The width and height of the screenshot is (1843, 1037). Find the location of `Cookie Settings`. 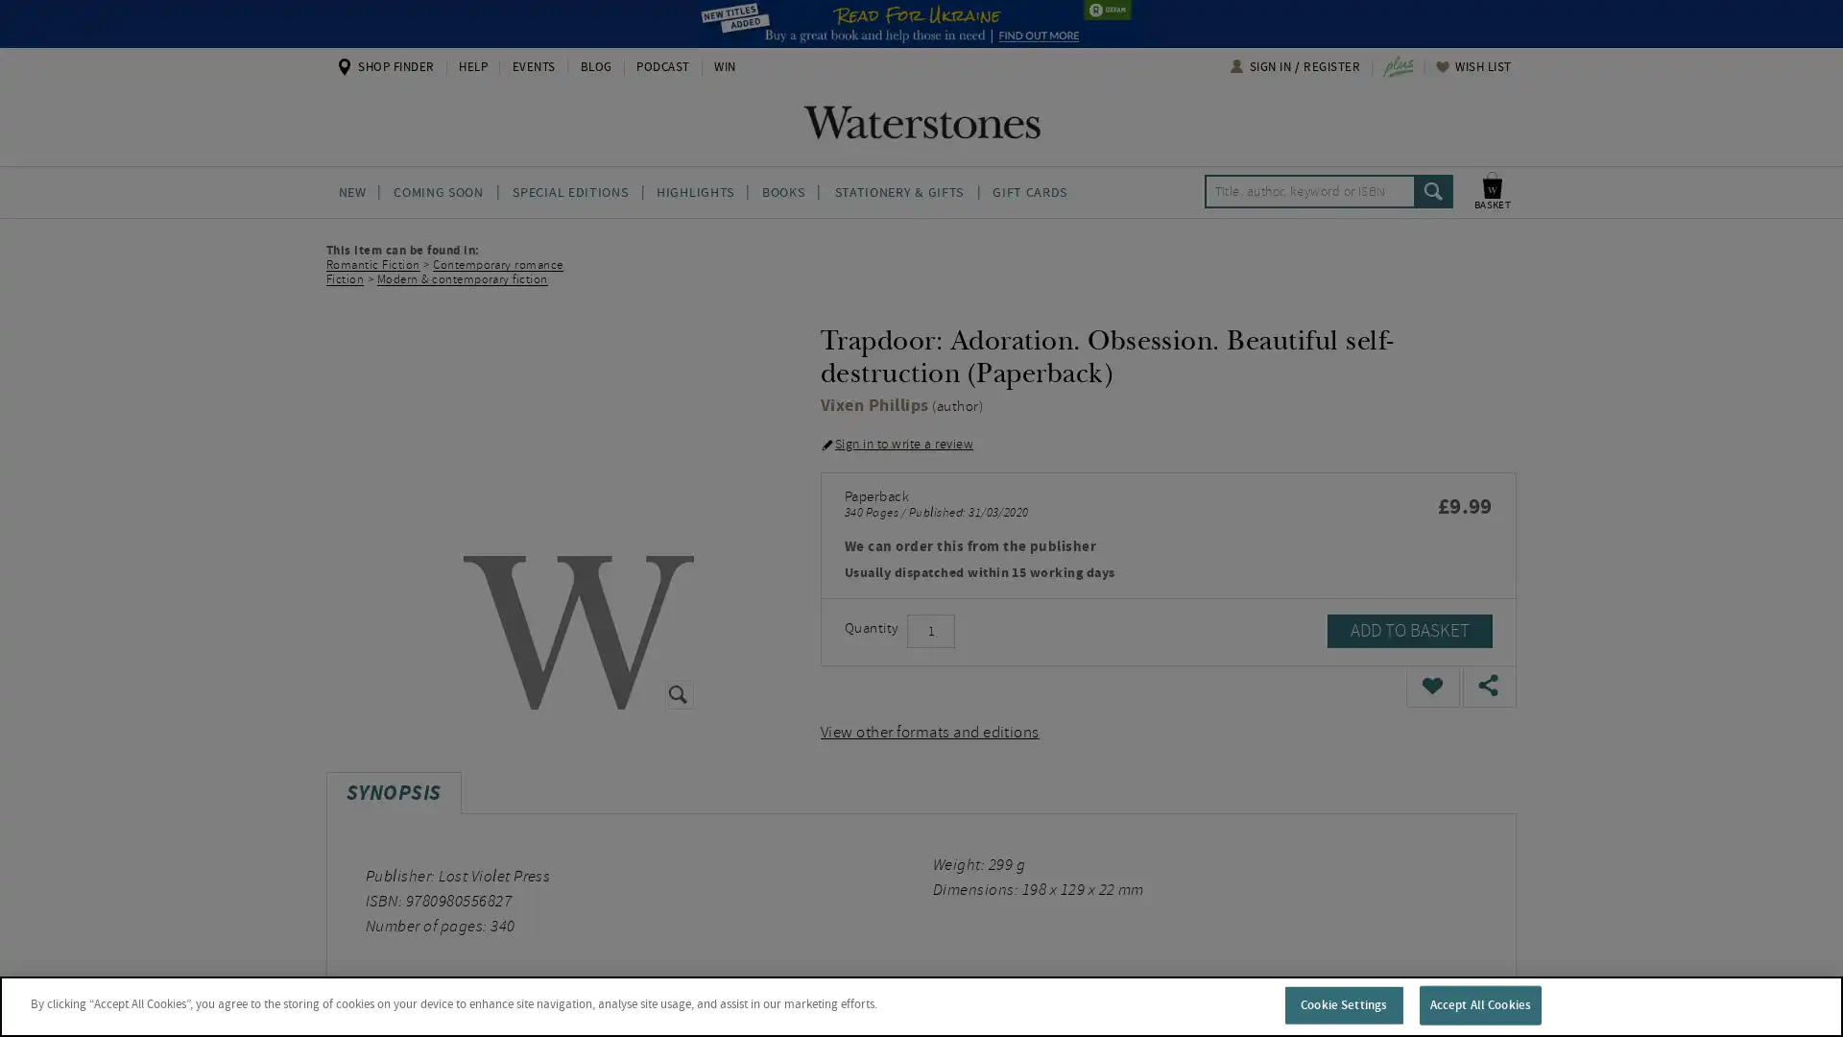

Cookie Settings is located at coordinates (1342, 1003).